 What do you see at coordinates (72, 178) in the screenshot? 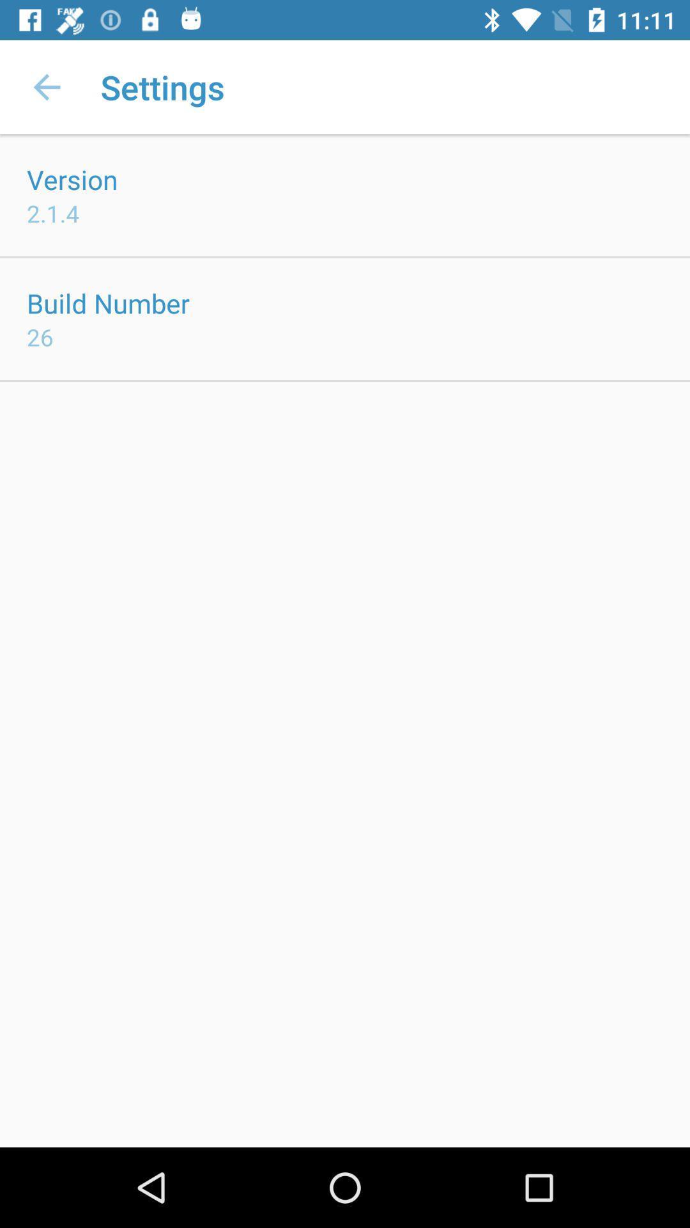
I see `icon above 2.1.4` at bounding box center [72, 178].